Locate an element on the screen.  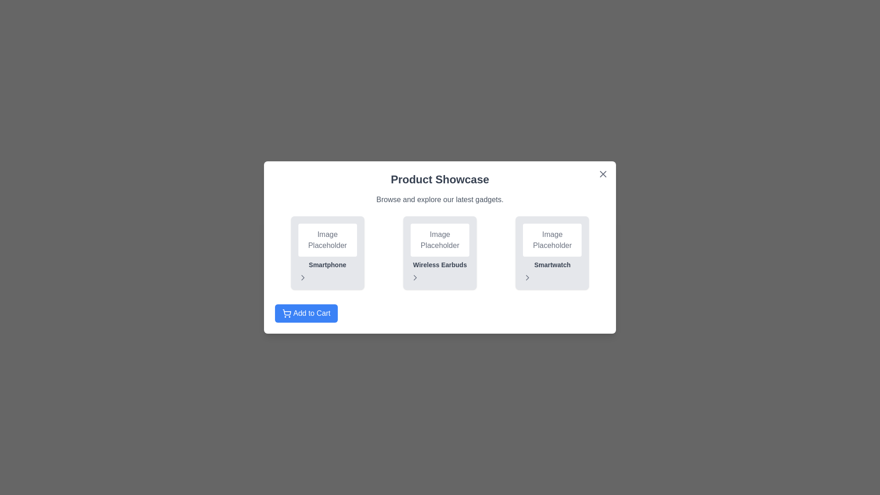
the shopping cart icon that is part of the 'Add to Cart' button, located at the bottom-left corner of the product showcase modal is located at coordinates (286, 313).